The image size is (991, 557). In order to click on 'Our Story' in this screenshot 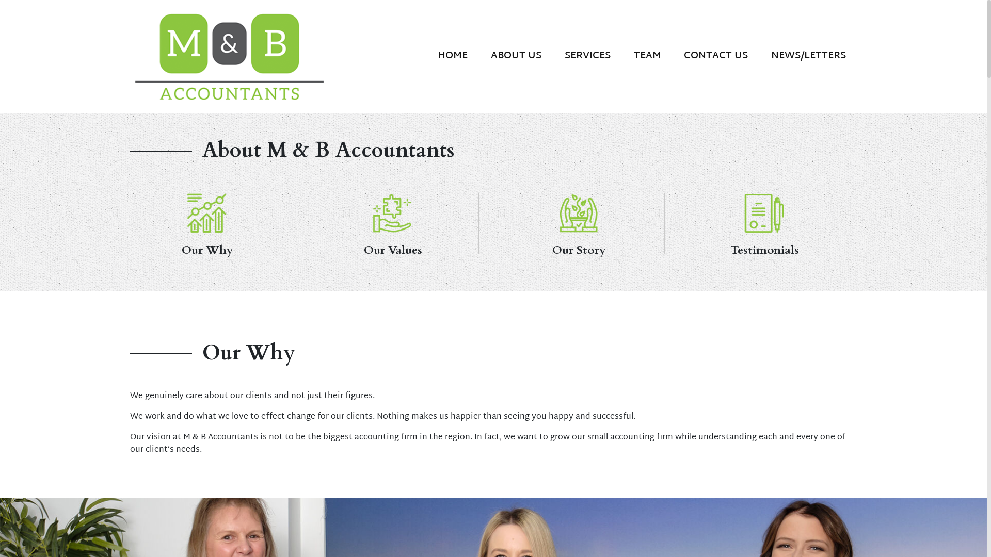, I will do `click(552, 212)`.